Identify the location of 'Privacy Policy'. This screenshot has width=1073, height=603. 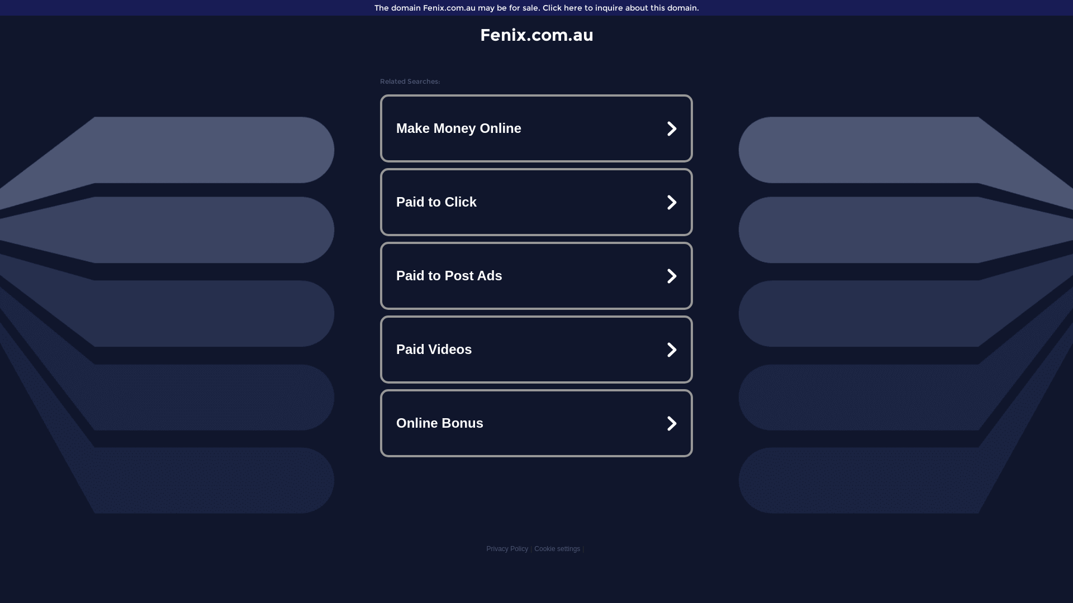
(506, 548).